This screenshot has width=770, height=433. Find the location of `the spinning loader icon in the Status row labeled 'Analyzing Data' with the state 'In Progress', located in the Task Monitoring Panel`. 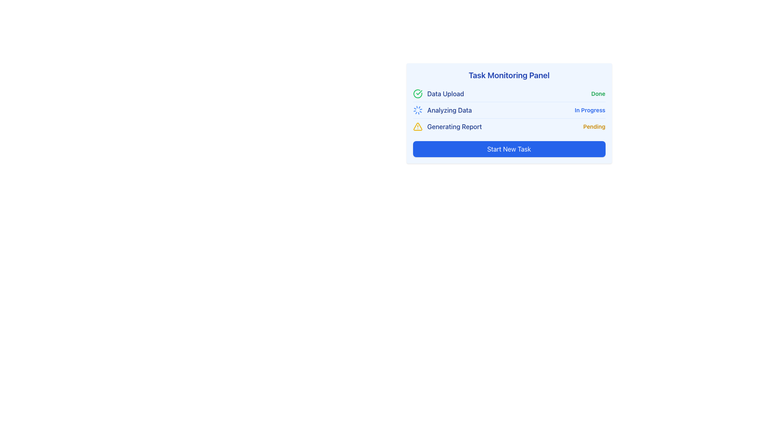

the spinning loader icon in the Status row labeled 'Analyzing Data' with the state 'In Progress', located in the Task Monitoring Panel is located at coordinates (509, 110).